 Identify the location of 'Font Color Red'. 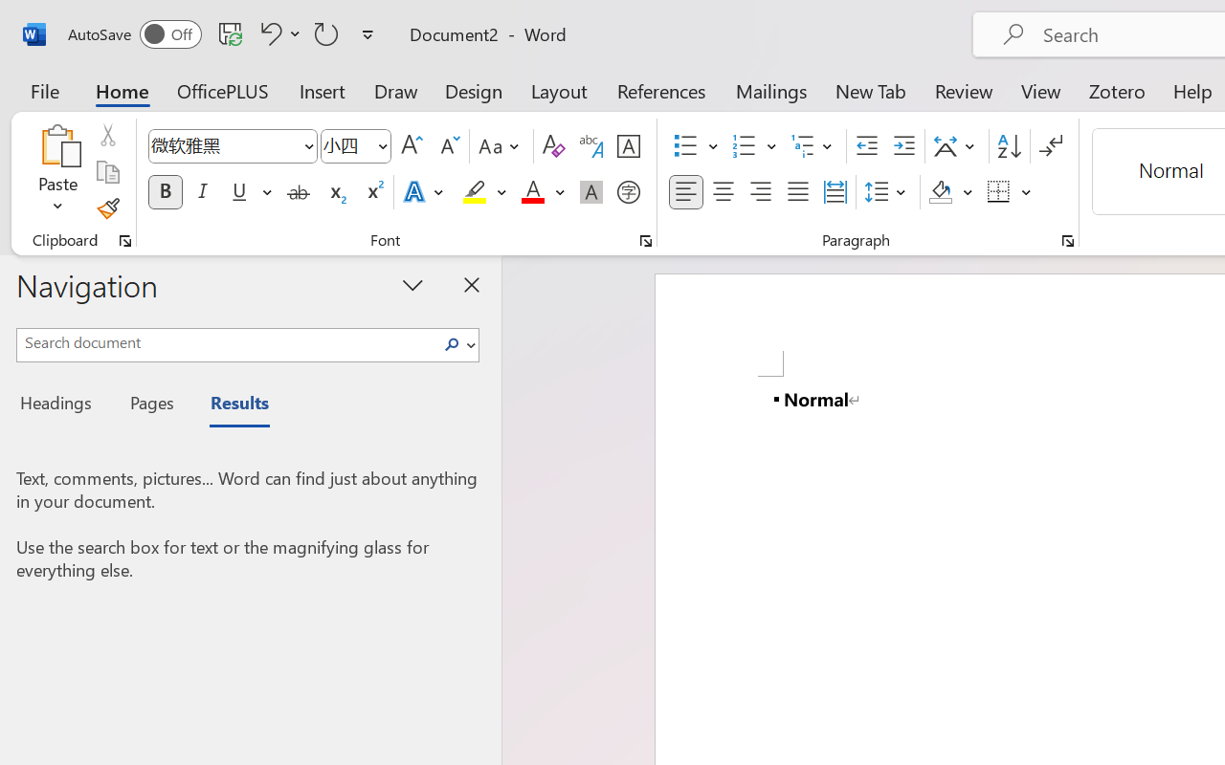
(532, 192).